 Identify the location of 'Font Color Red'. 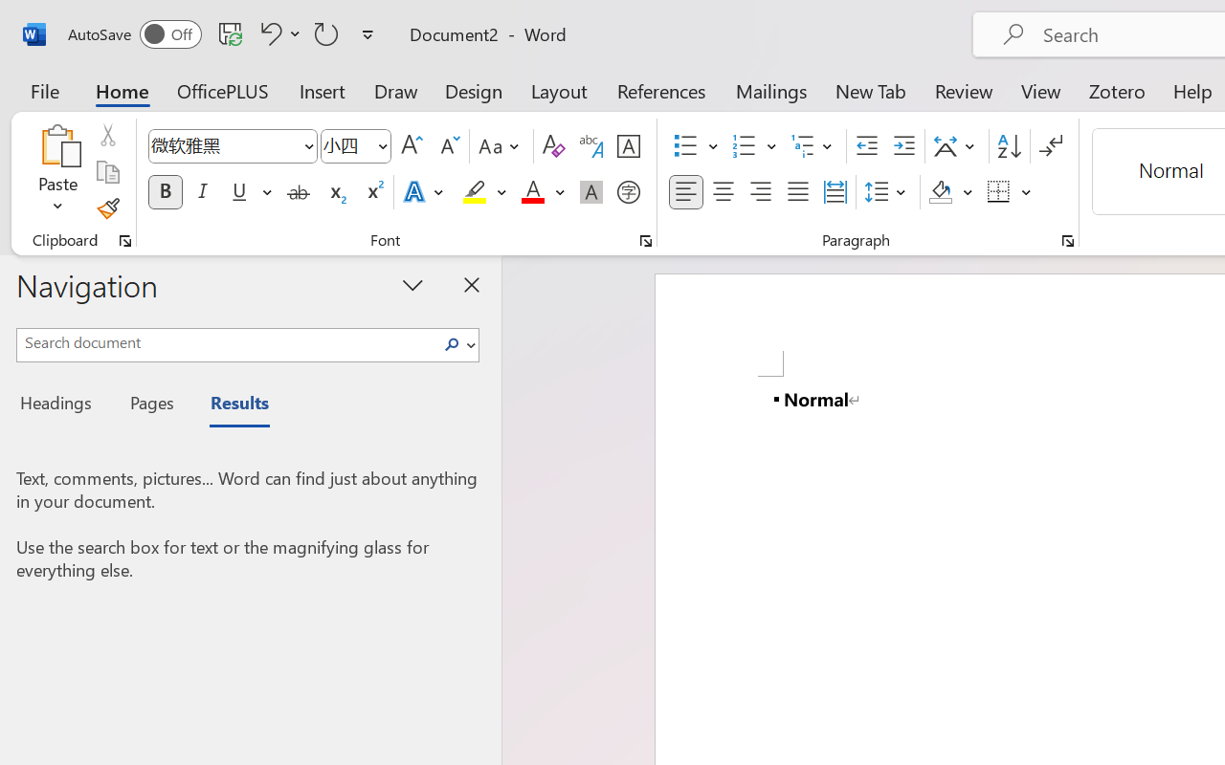
(532, 192).